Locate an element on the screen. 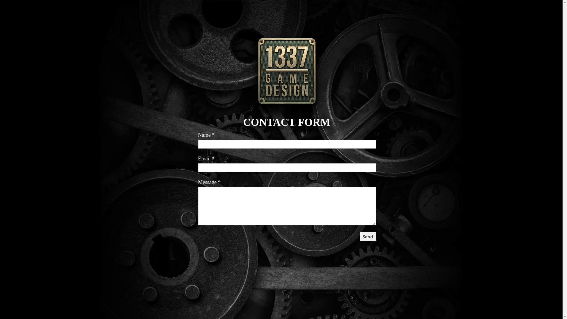 The width and height of the screenshot is (567, 319). 'Send' is located at coordinates (359, 236).